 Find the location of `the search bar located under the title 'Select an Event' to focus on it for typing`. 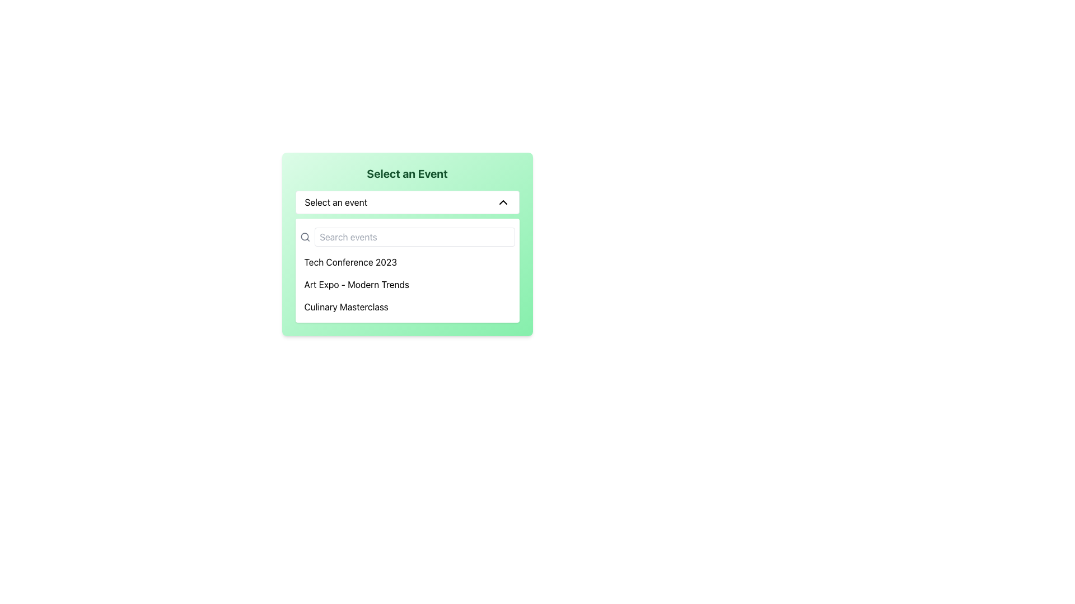

the search bar located under the title 'Select an Event' to focus on it for typing is located at coordinates (414, 237).